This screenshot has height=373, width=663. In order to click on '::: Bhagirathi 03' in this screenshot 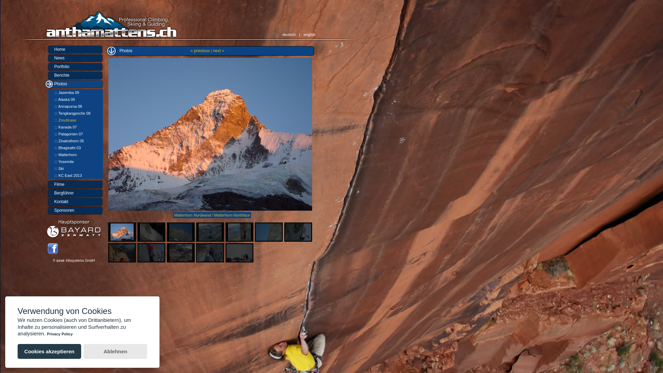, I will do `click(63, 147)`.